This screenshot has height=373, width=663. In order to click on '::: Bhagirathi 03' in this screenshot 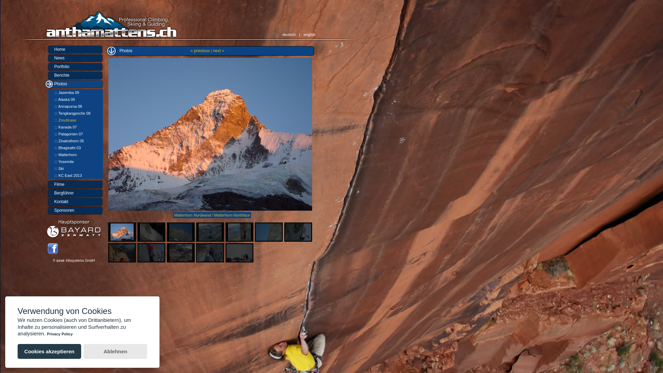, I will do `click(63, 147)`.